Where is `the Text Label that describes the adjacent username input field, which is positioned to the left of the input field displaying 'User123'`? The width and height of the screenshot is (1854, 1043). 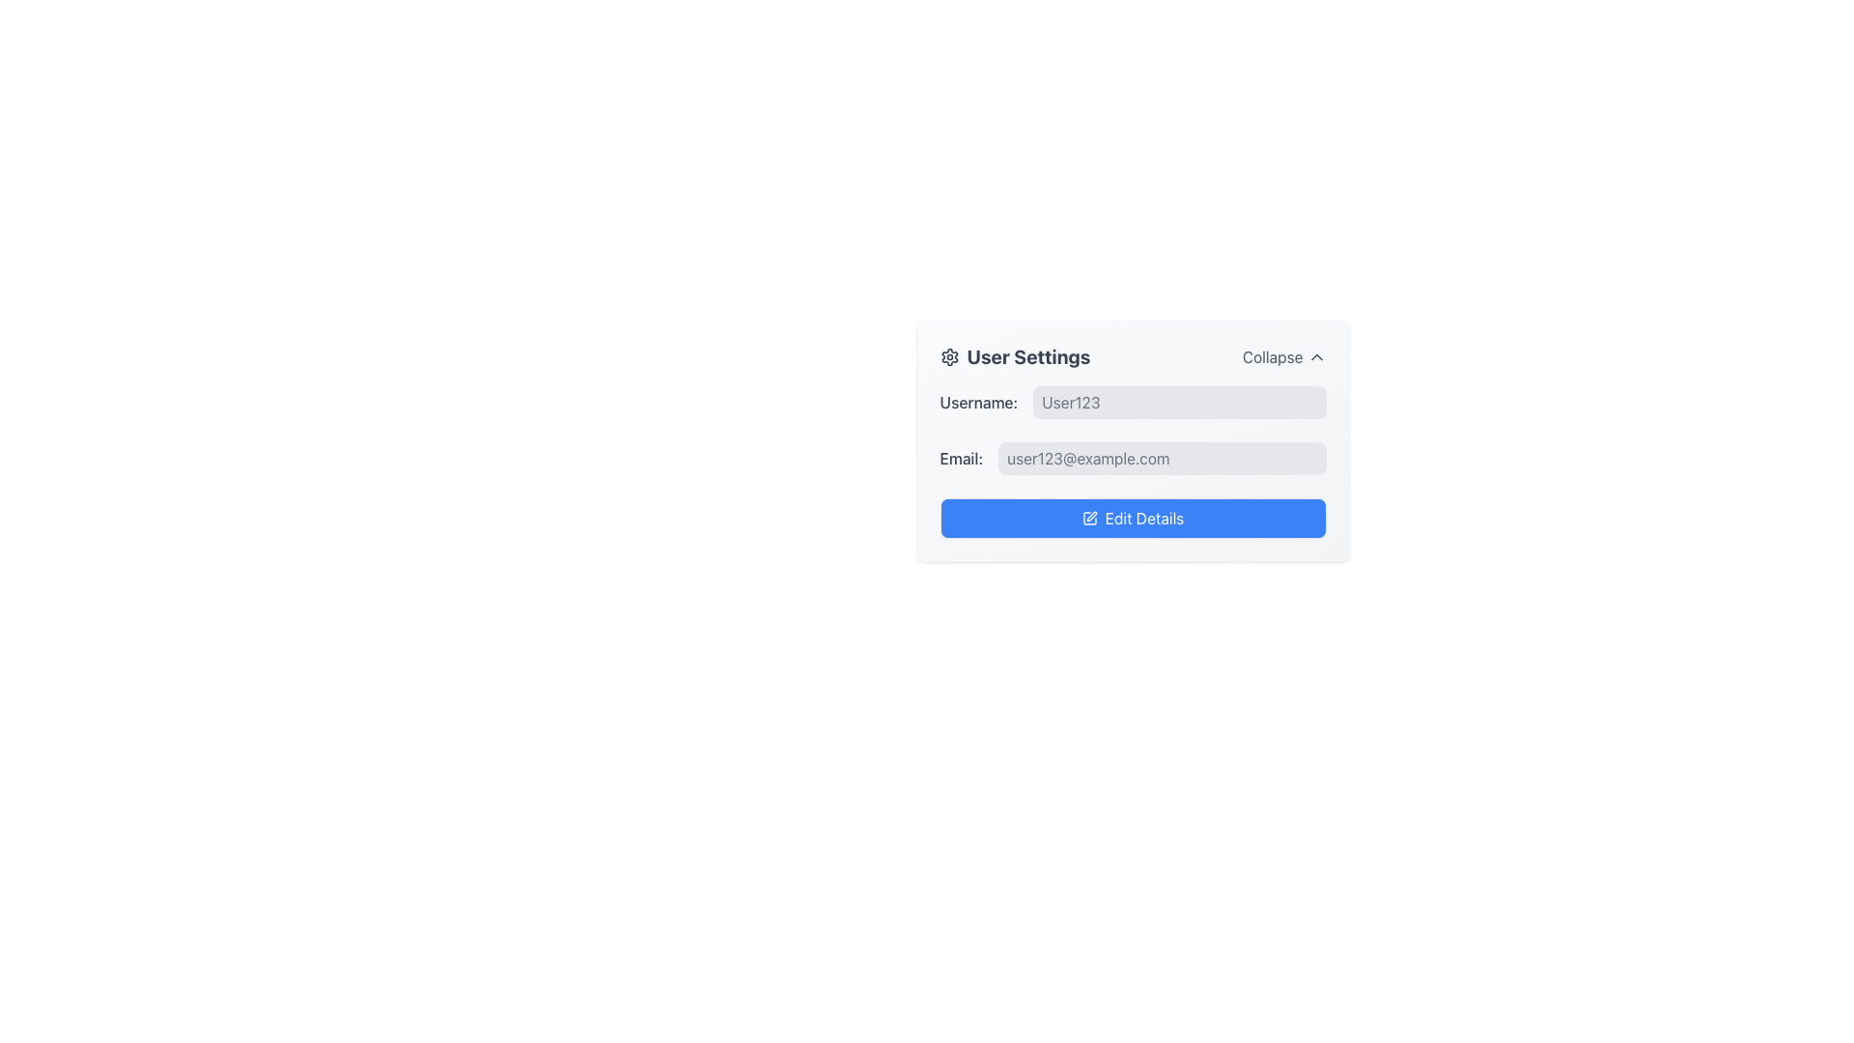 the Text Label that describes the adjacent username input field, which is positioned to the left of the input field displaying 'User123' is located at coordinates (978, 401).